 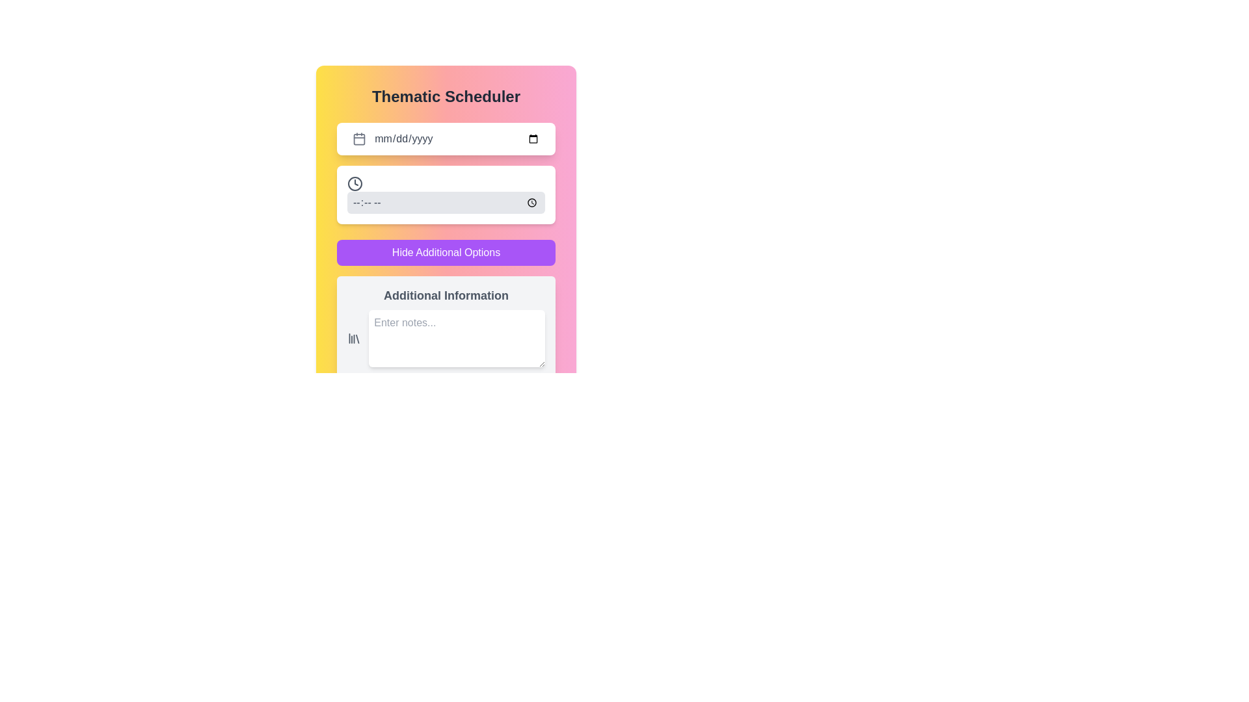 What do you see at coordinates (359, 139) in the screenshot?
I see `the date input field related to the inner square of the calendar icon in the 'Thematic Scheduler' interface` at bounding box center [359, 139].